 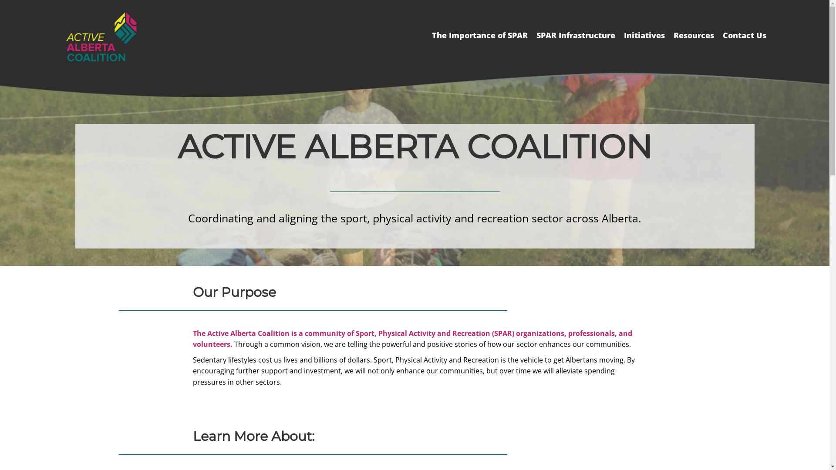 I want to click on 'Initiatives', so click(x=619, y=35).